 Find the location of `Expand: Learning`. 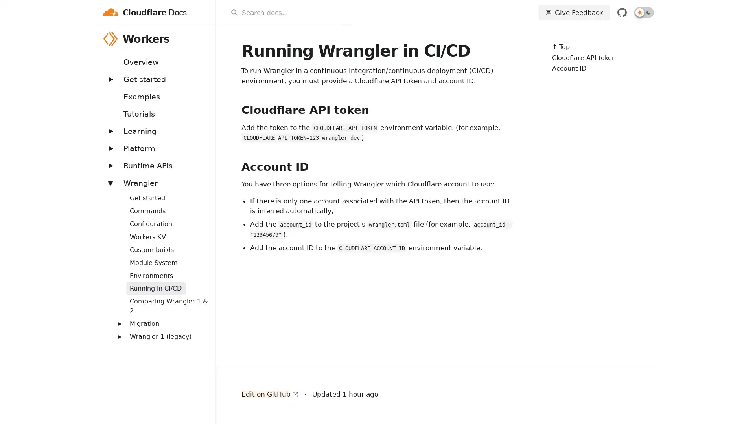

Expand: Learning is located at coordinates (109, 130).